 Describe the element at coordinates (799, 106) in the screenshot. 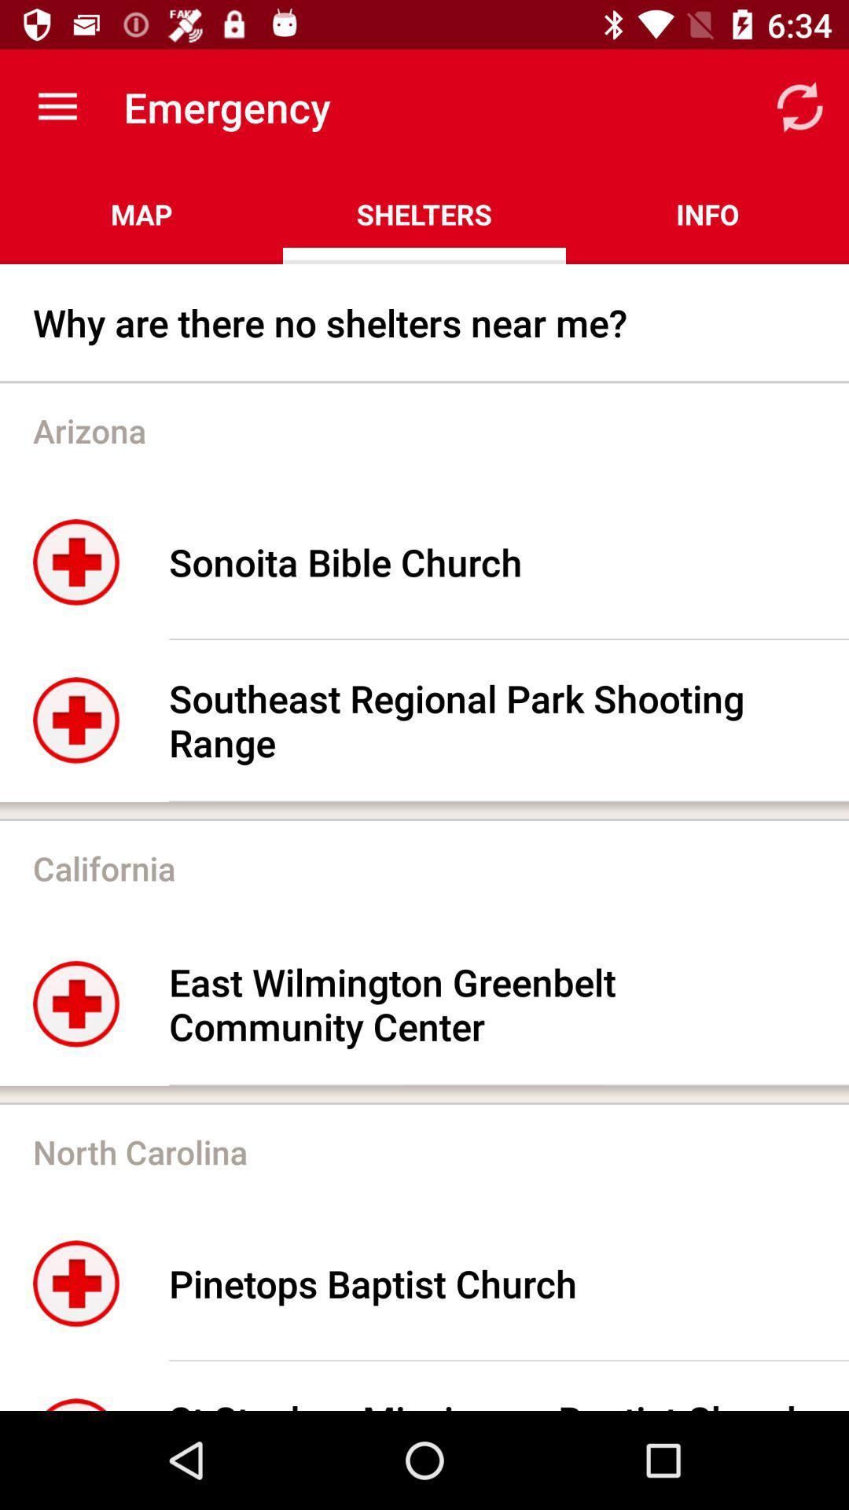

I see `the item next to shelters` at that location.